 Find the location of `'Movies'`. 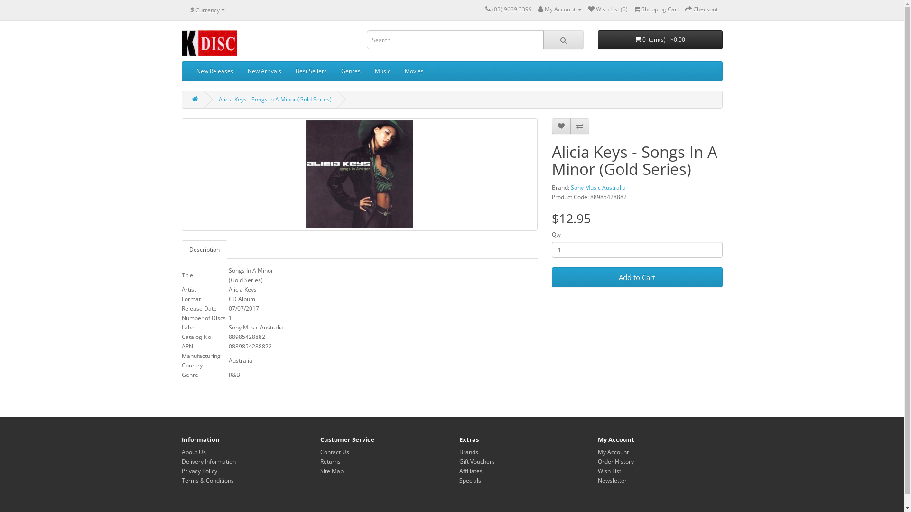

'Movies' is located at coordinates (414, 71).